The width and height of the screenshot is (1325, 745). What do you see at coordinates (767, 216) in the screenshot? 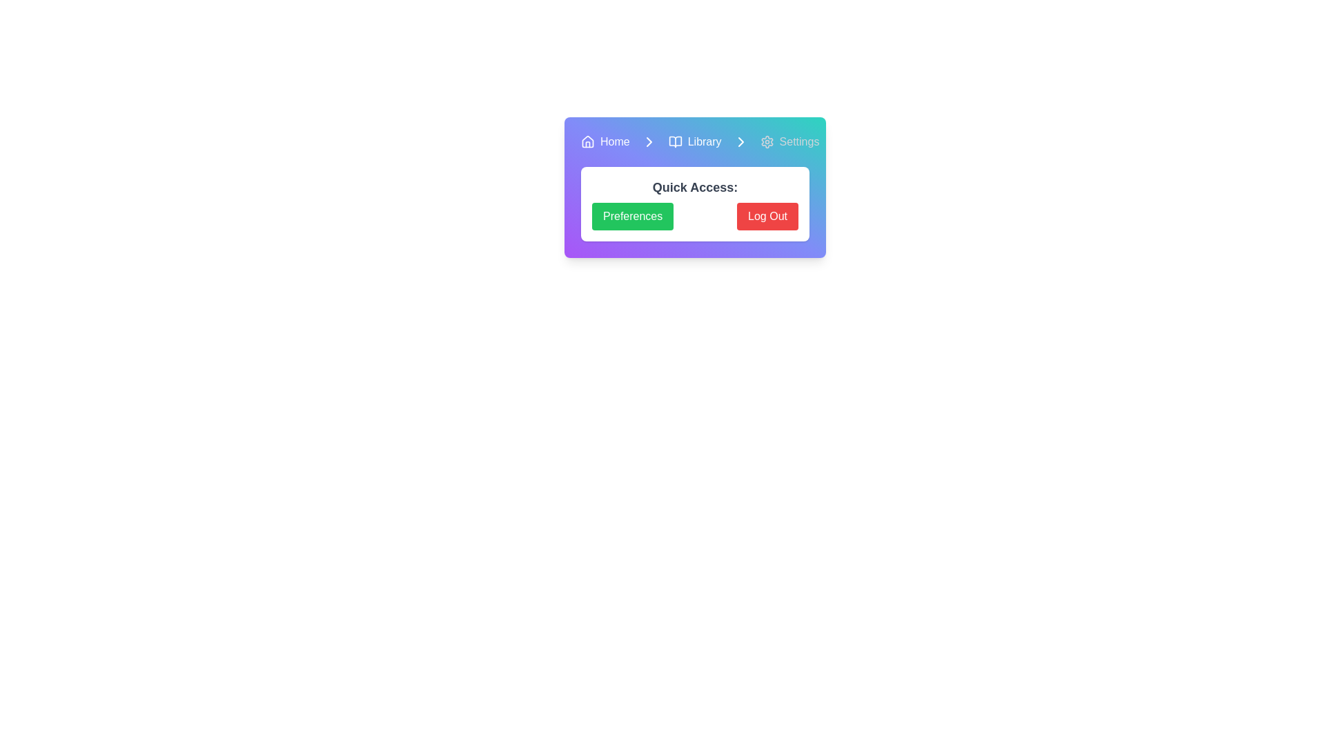
I see `the 'Log Out' button, which has white text on a red background and is positioned to the right of the 'Preferences' button` at bounding box center [767, 216].